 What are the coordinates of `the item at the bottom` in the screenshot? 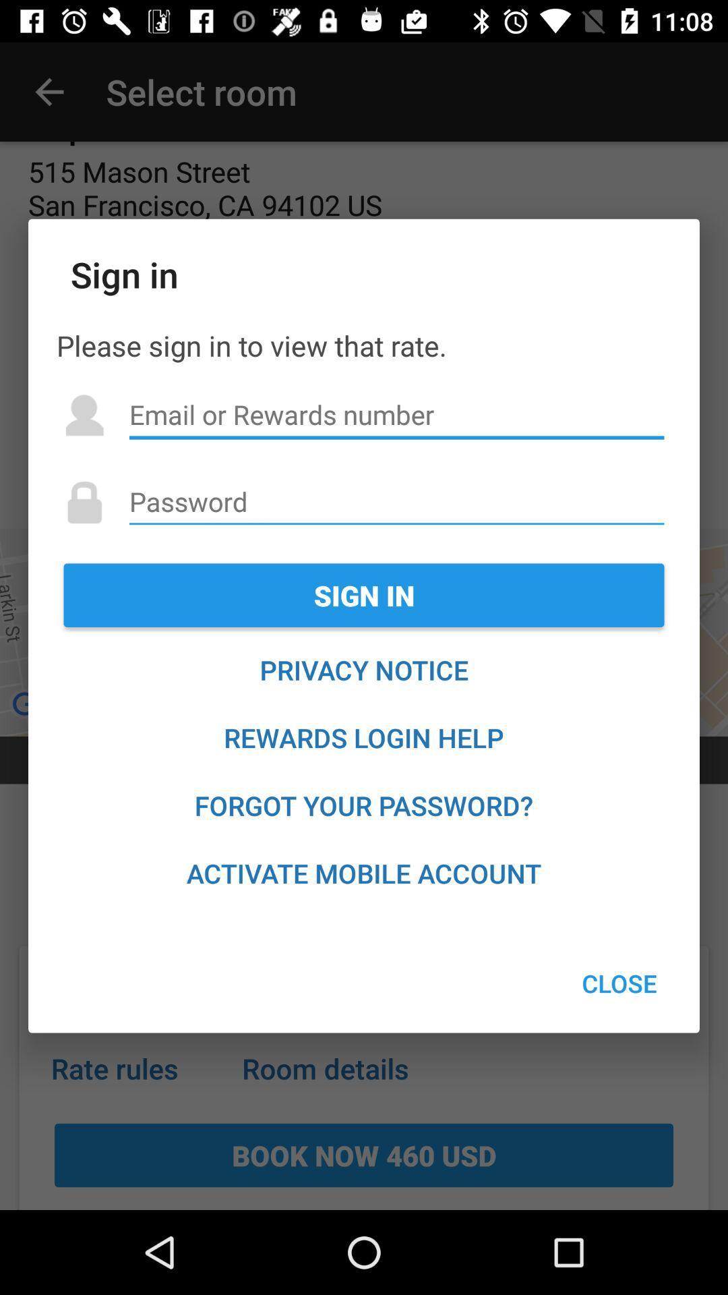 It's located at (364, 873).